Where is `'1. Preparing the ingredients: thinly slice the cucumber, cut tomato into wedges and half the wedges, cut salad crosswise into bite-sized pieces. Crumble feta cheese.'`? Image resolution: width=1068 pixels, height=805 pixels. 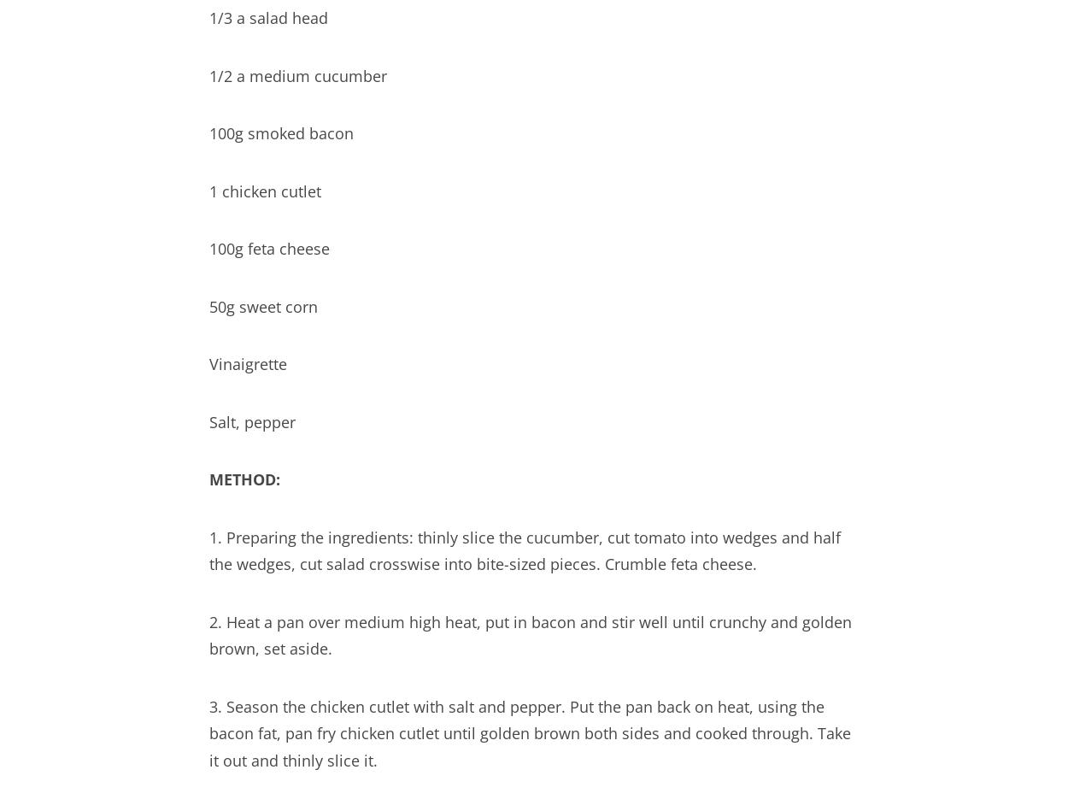 '1. Preparing the ingredients: thinly slice the cucumber, cut tomato into wedges and half the wedges, cut salad crosswise into bite-sized pieces. Crumble feta cheese.' is located at coordinates (524, 549).